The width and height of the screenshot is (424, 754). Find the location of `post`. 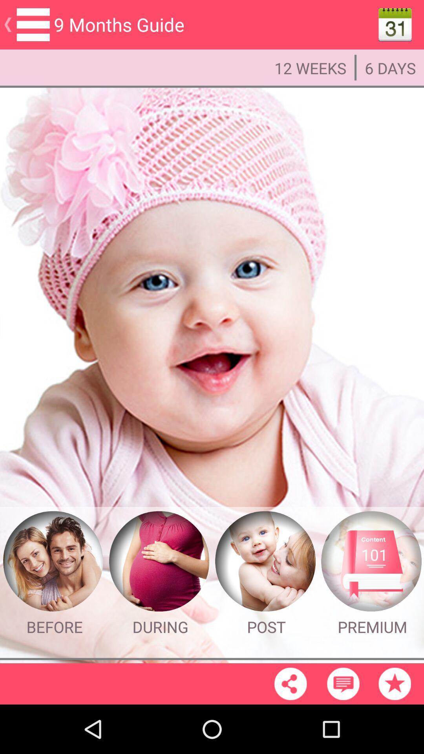

post is located at coordinates (265, 561).